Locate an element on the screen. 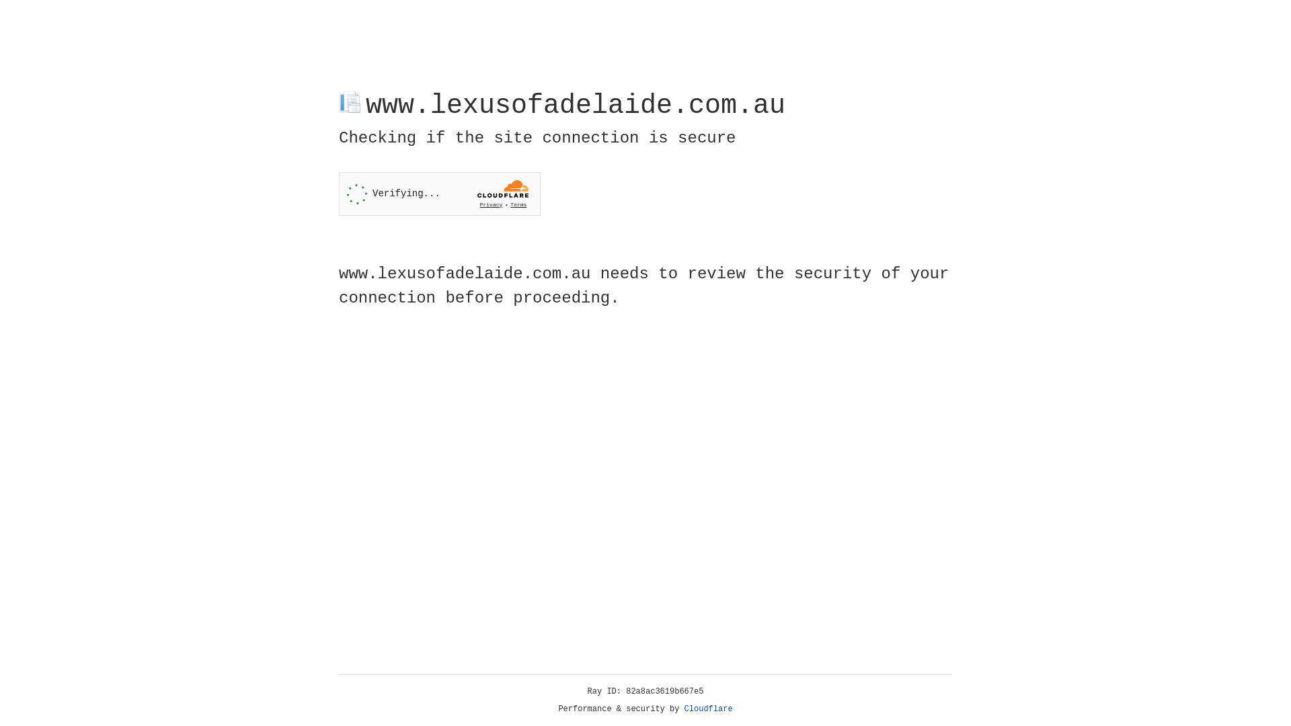 This screenshot has height=726, width=1291. 'Widget containing a Cloudflare security challenge' is located at coordinates (439, 194).